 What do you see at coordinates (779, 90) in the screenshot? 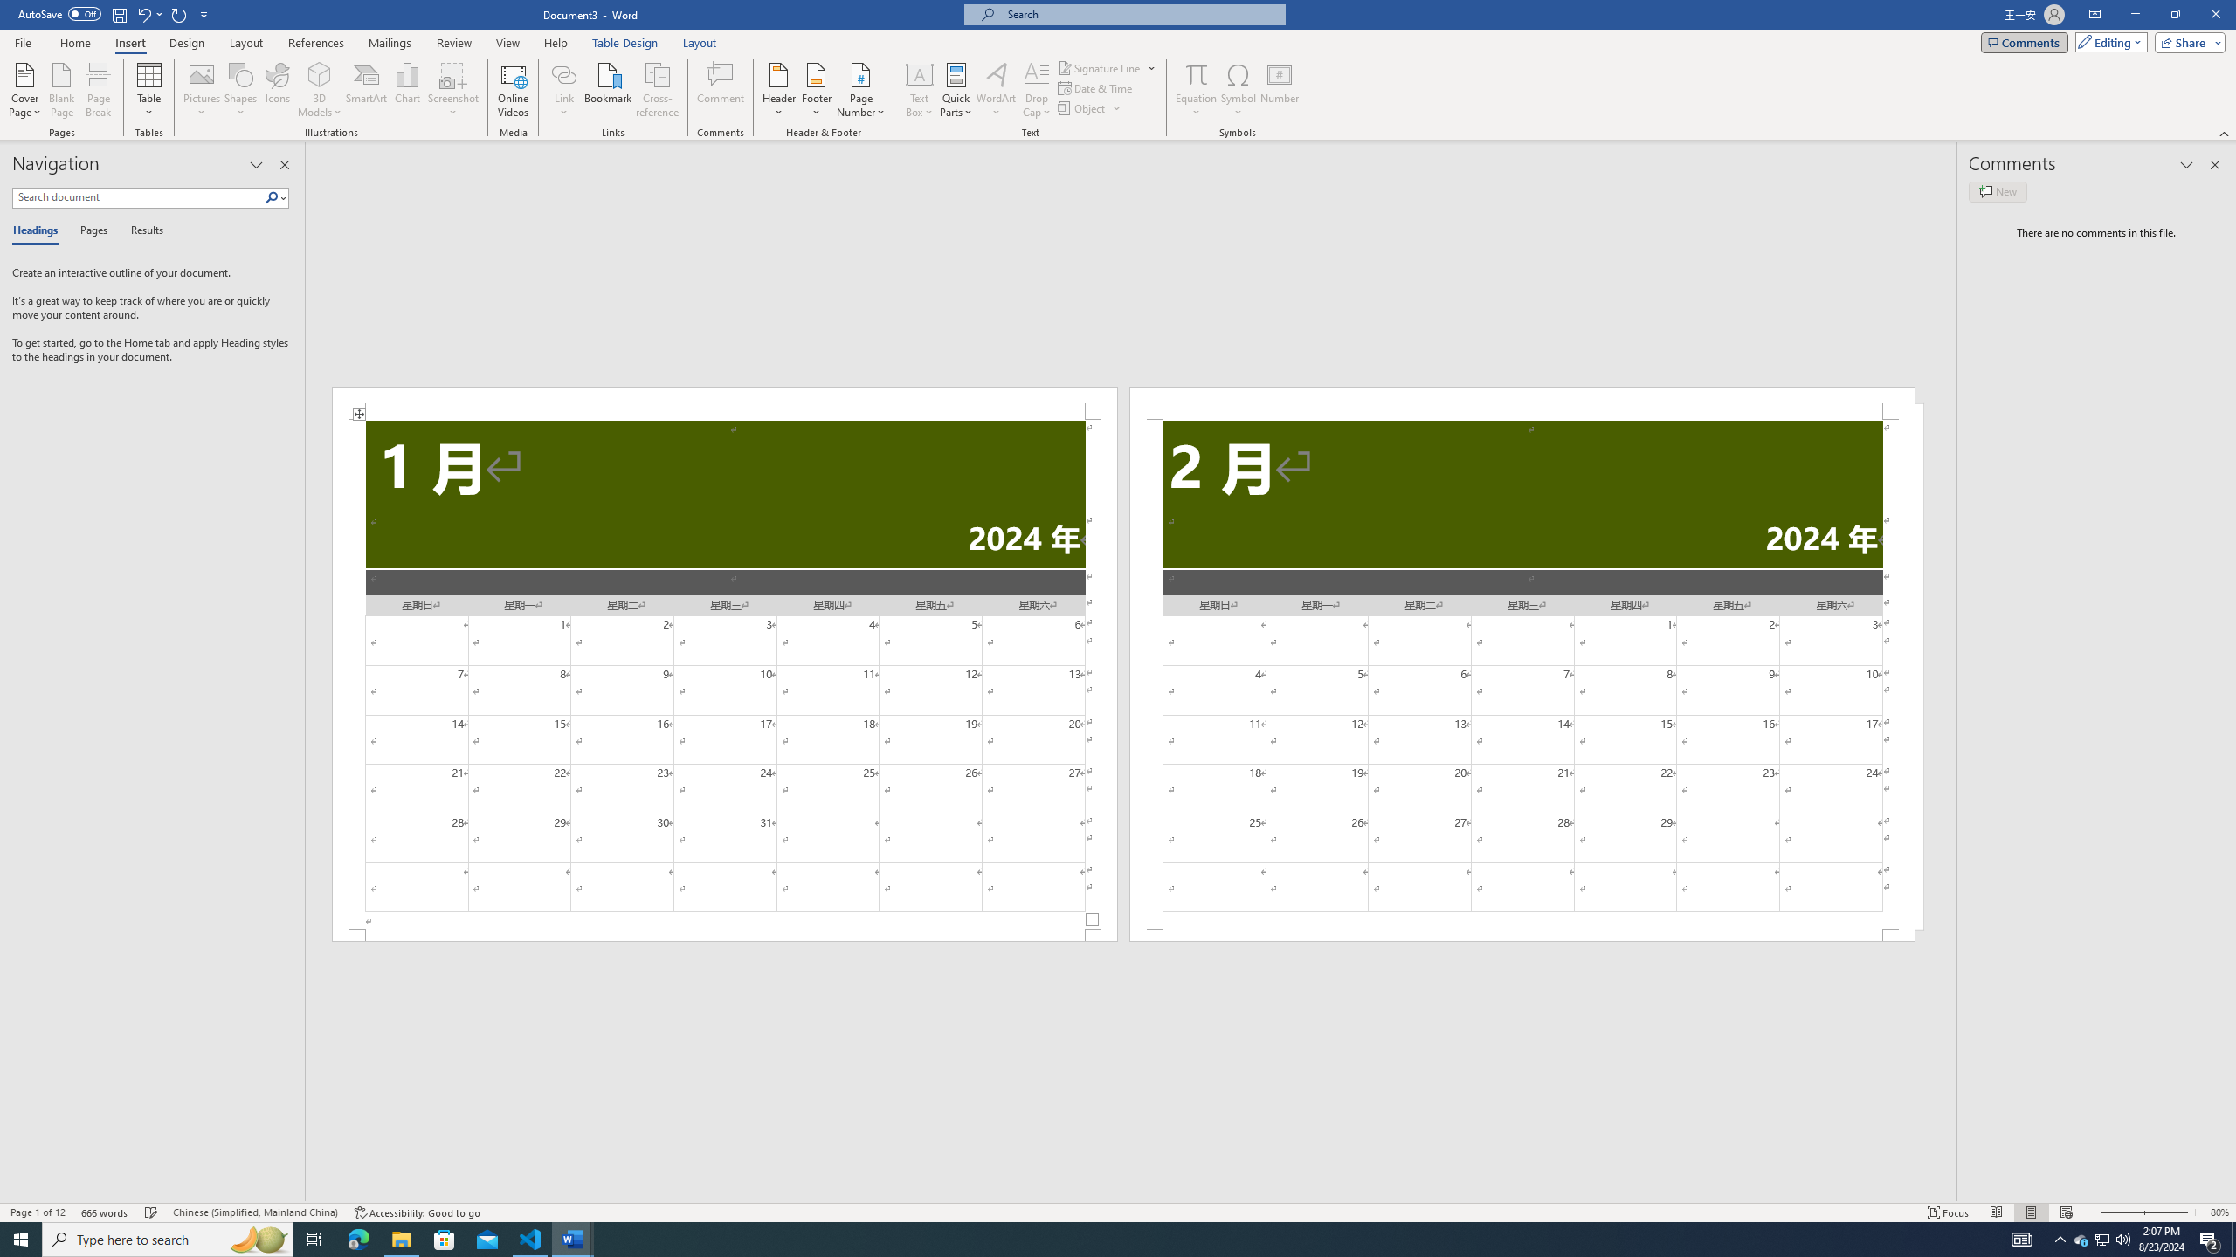
I see `'Header'` at bounding box center [779, 90].